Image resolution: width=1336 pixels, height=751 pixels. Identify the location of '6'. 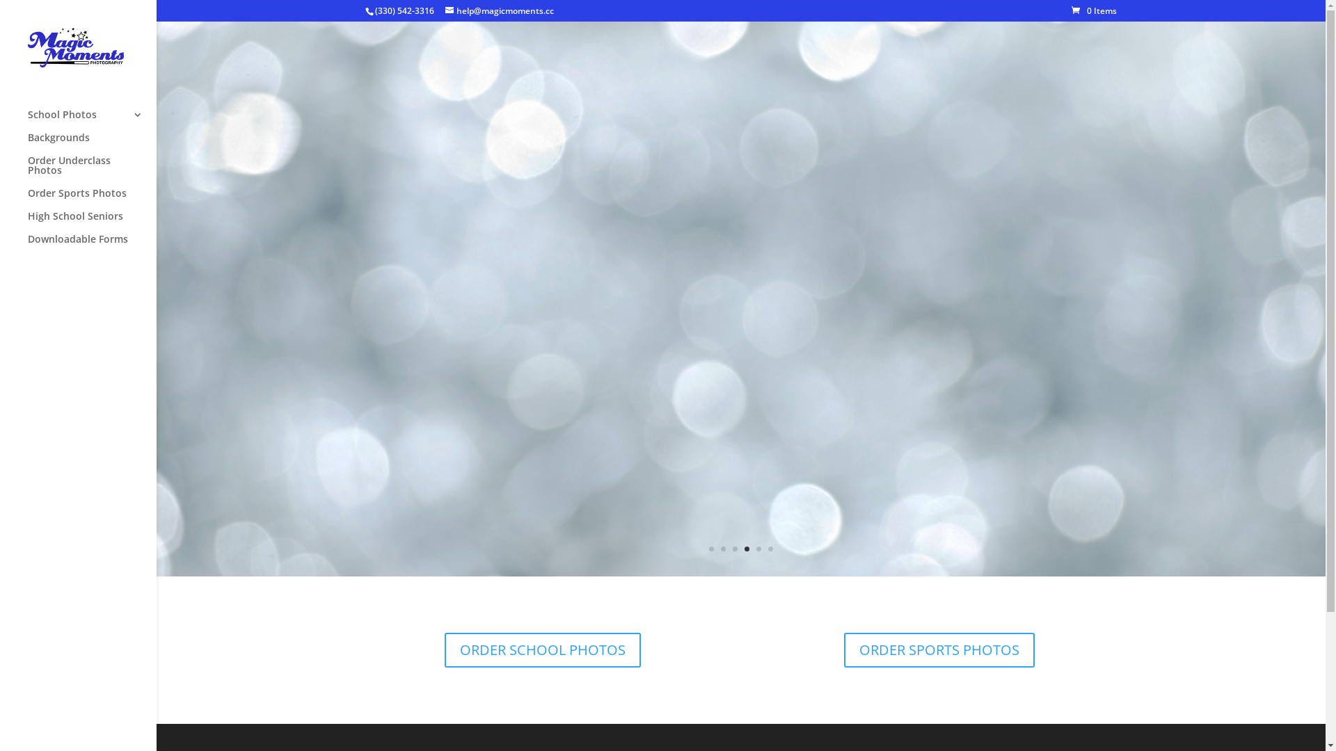
(770, 548).